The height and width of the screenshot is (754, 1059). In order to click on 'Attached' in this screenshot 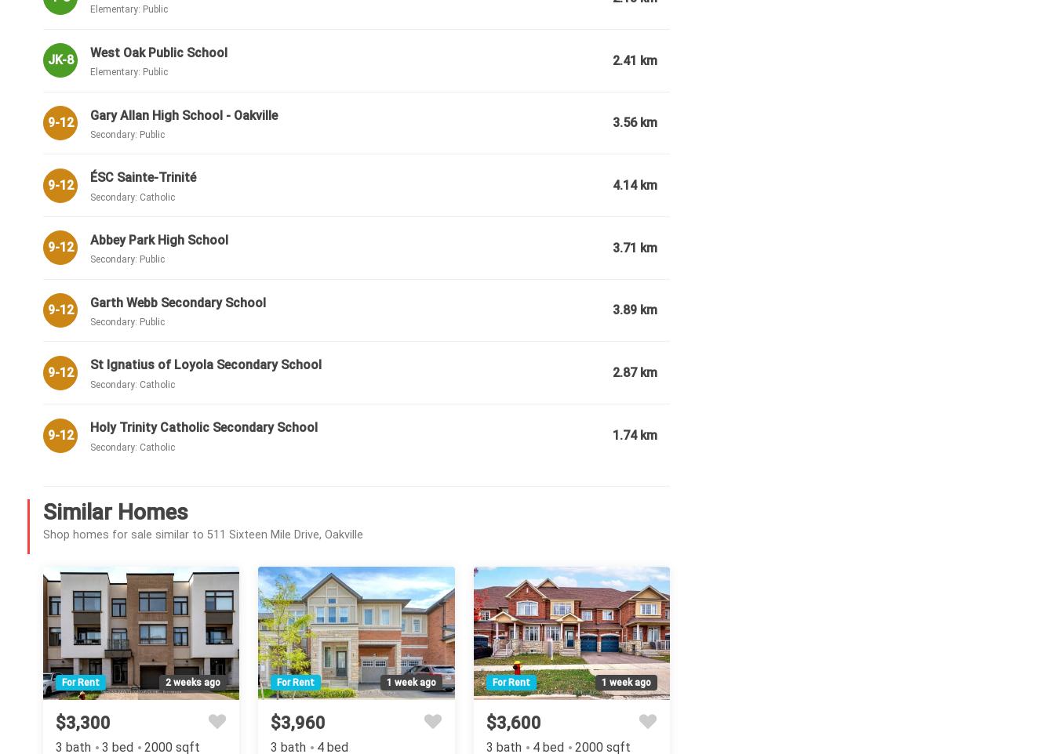, I will do `click(147, 167)`.